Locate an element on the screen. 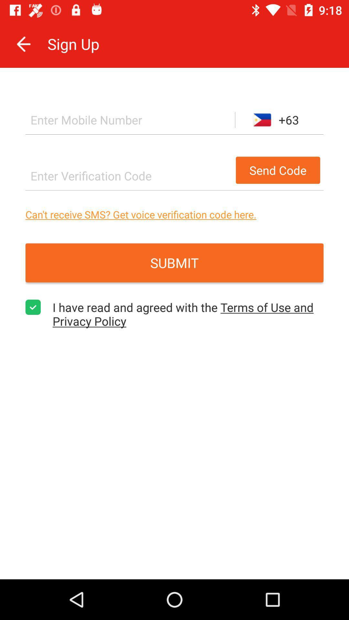 Image resolution: width=349 pixels, height=620 pixels. icon to the left of the sign up is located at coordinates (23, 44).